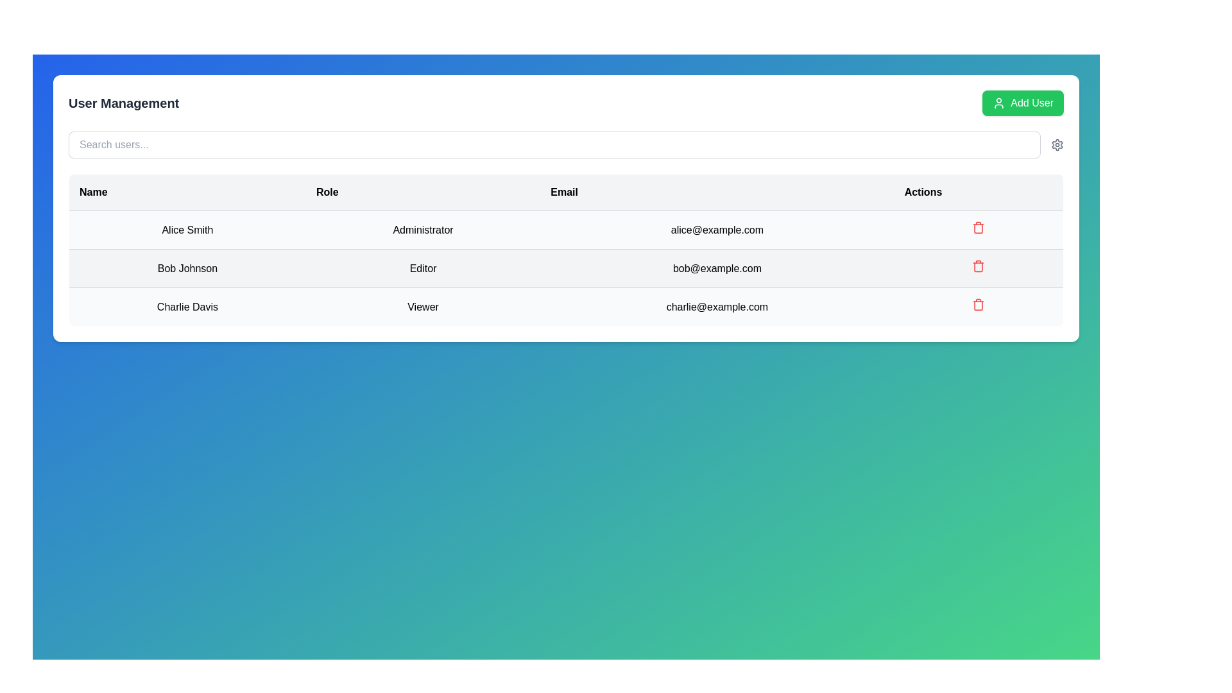  I want to click on the red trash icon button located in the 'Actions' column of the user table for Bob Johnson, so click(978, 227).